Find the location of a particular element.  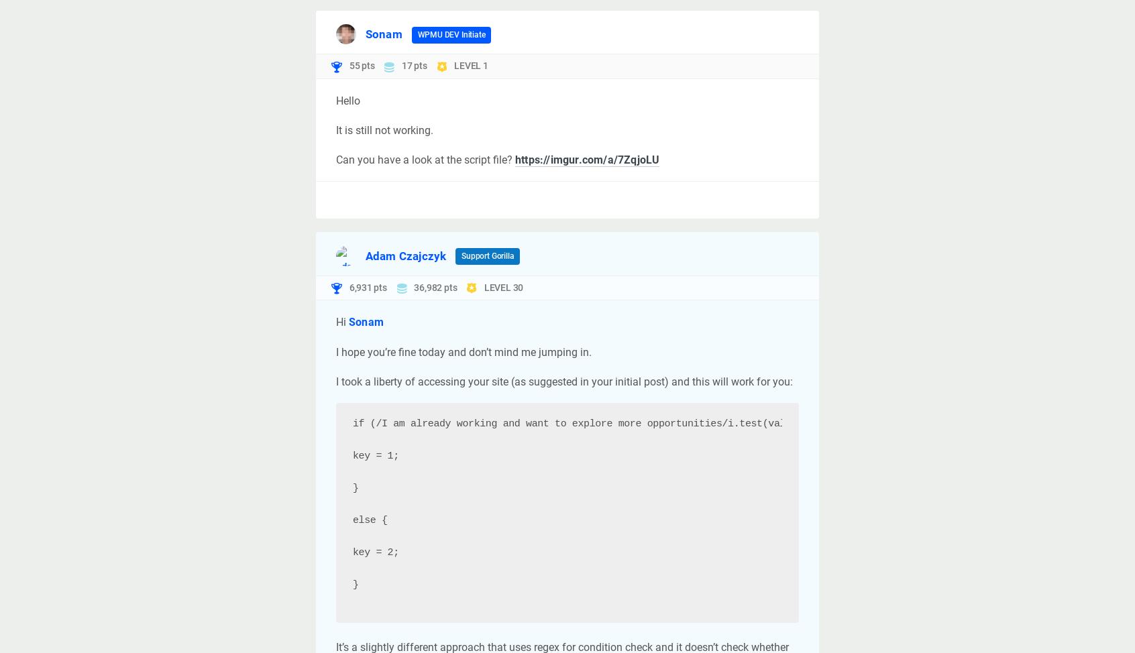

'I hope you’re fine today and don’t mind me jumping in.' is located at coordinates (464, 351).